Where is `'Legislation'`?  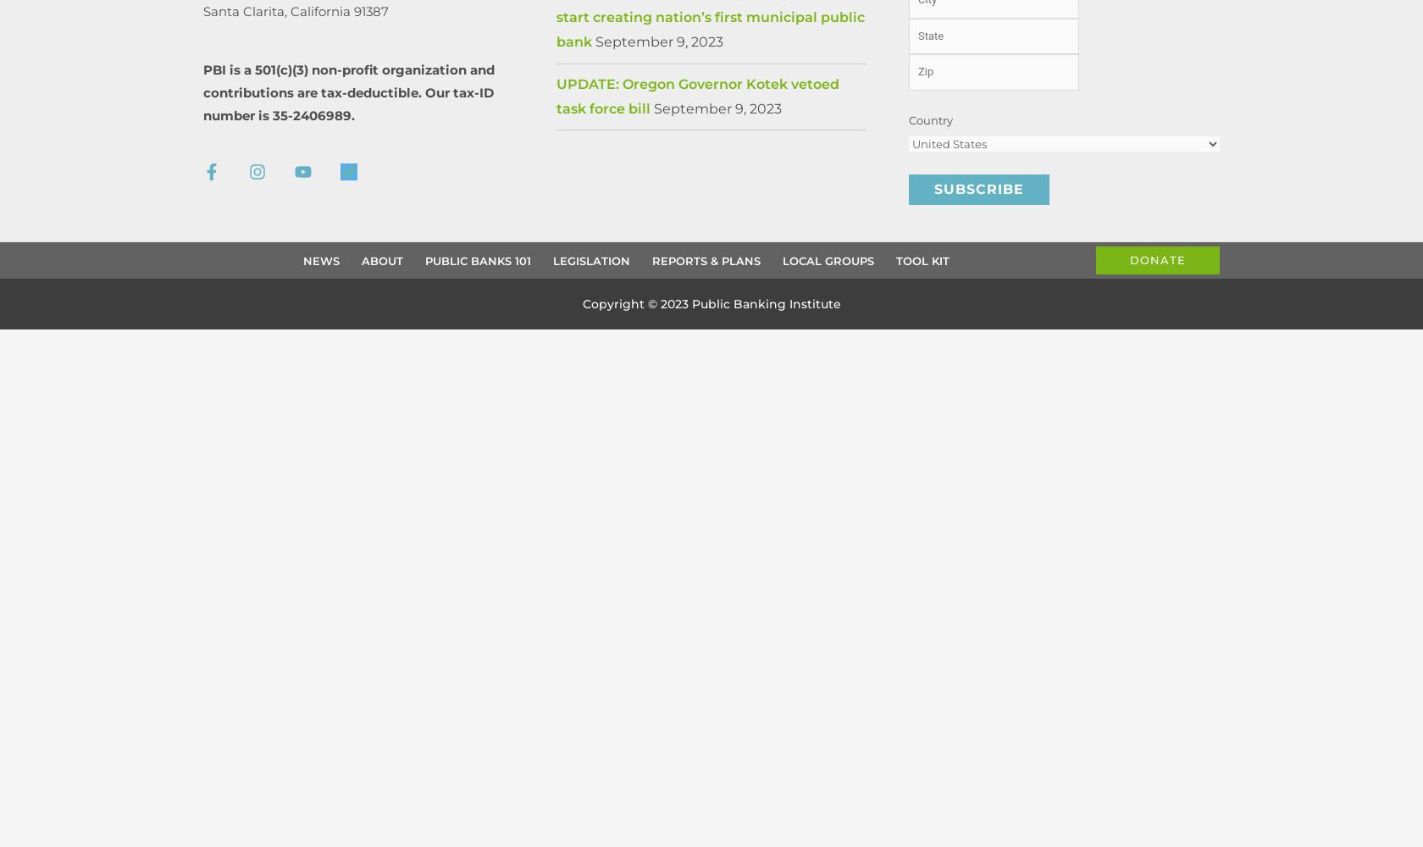
'Legislation' is located at coordinates (591, 260).